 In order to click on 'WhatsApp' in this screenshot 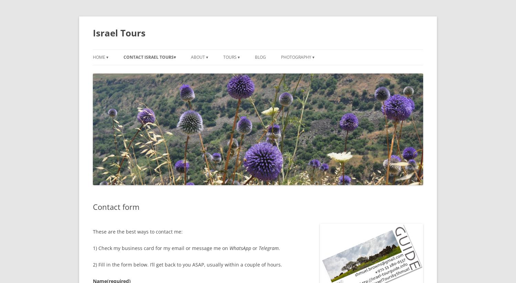, I will do `click(240, 248)`.